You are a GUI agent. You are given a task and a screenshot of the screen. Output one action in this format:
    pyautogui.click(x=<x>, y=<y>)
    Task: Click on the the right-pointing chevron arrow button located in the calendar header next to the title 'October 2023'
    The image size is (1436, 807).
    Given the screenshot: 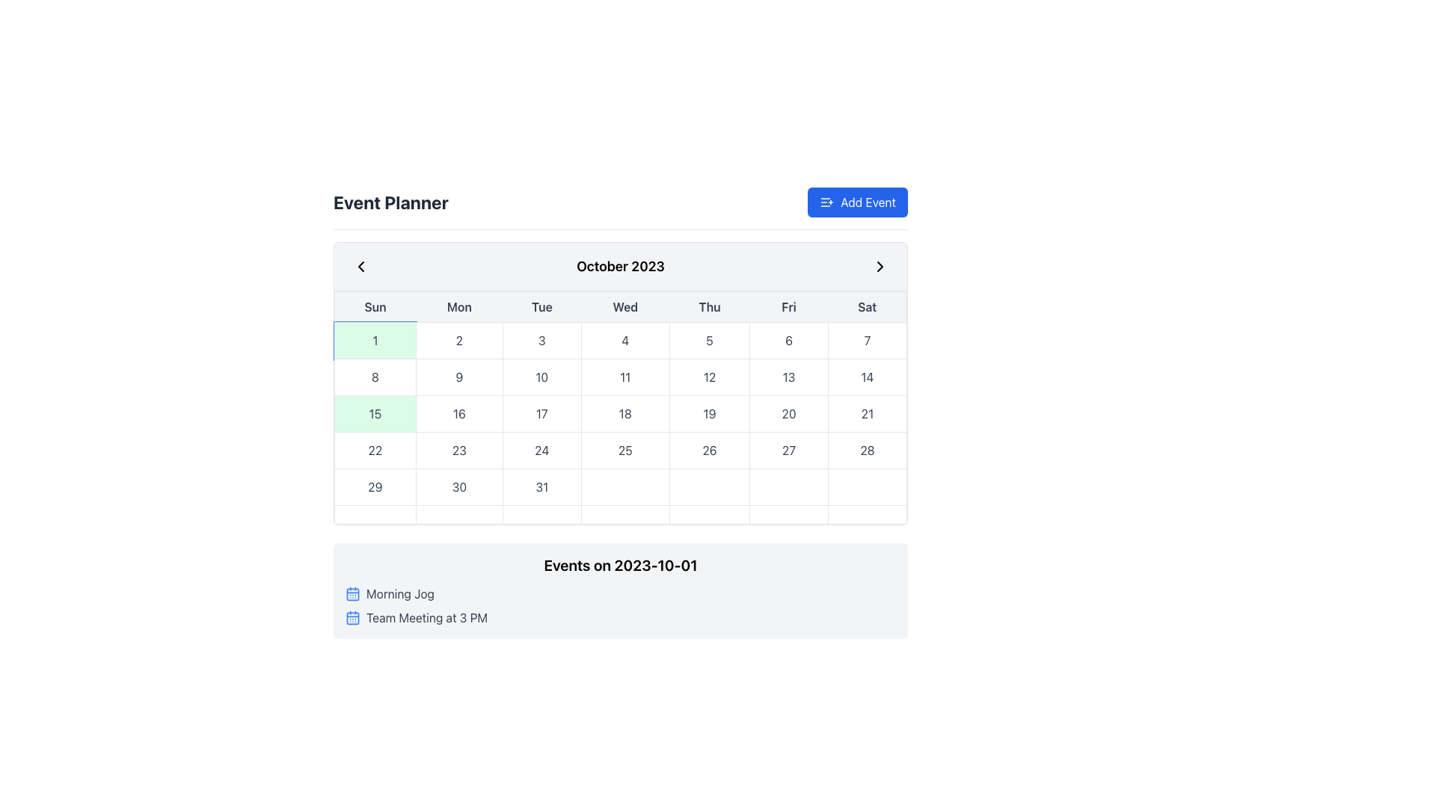 What is the action you would take?
    pyautogui.click(x=880, y=266)
    